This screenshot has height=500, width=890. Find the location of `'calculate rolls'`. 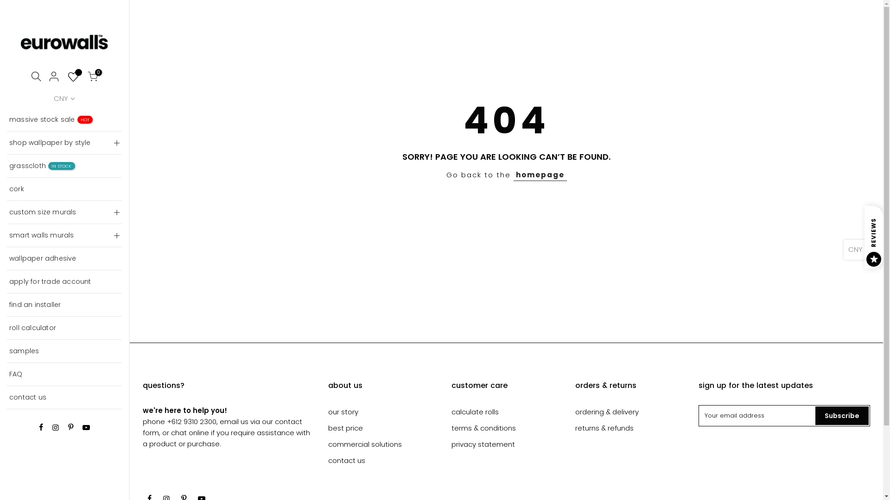

'calculate rolls' is located at coordinates (475, 411).